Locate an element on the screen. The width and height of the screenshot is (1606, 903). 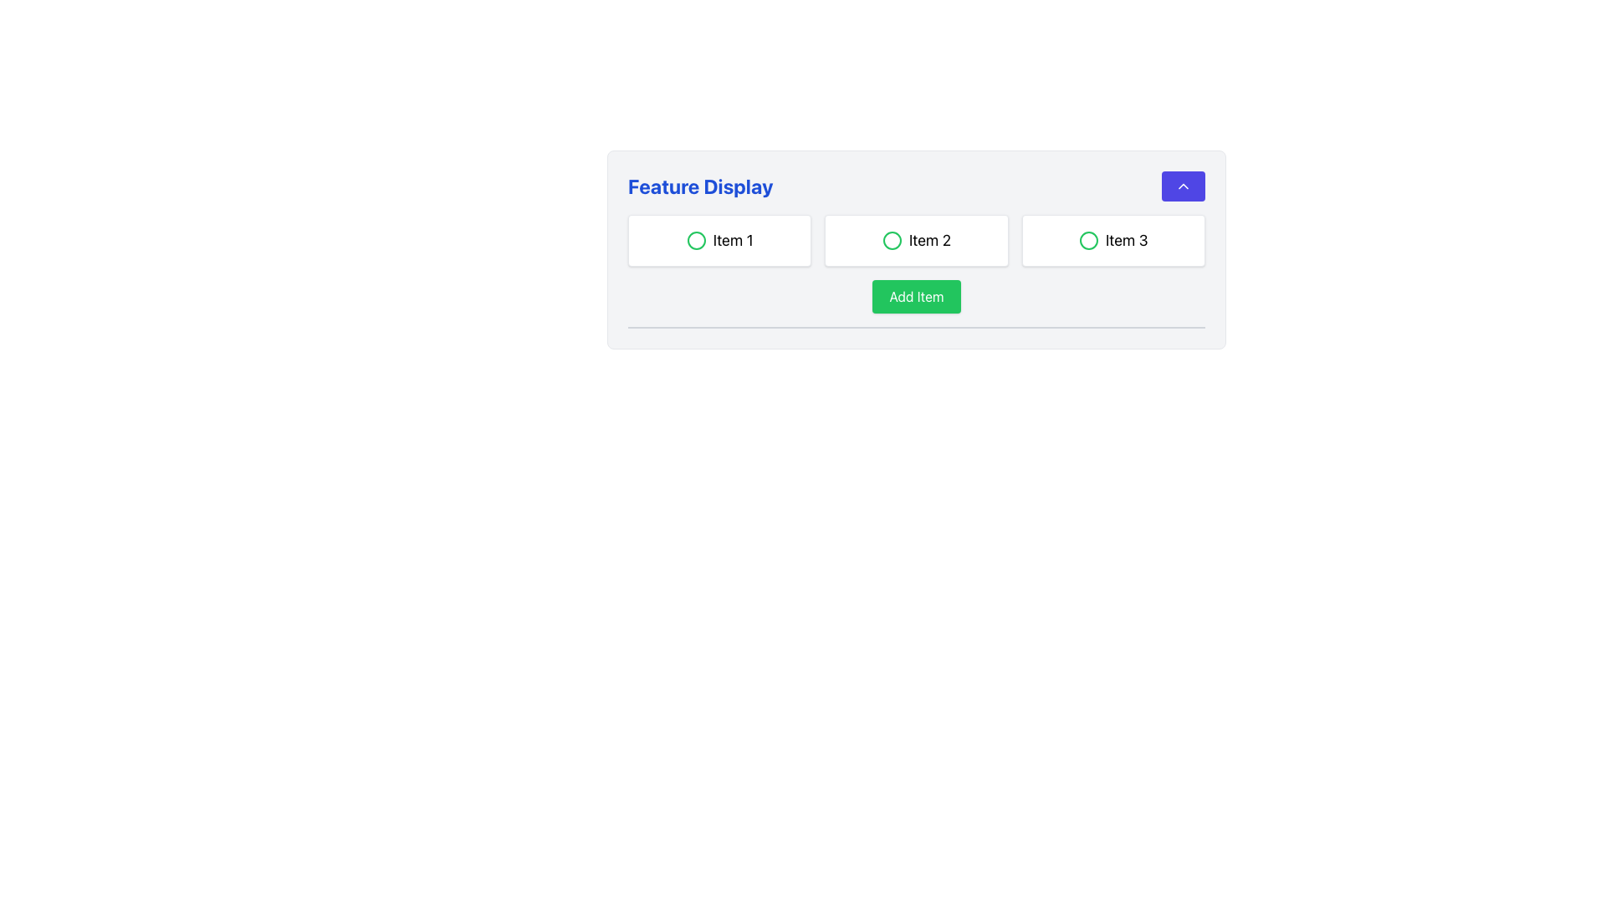
the green circular icon with a hollow center located to the left of the text 'Item 2' is located at coordinates (891, 241).